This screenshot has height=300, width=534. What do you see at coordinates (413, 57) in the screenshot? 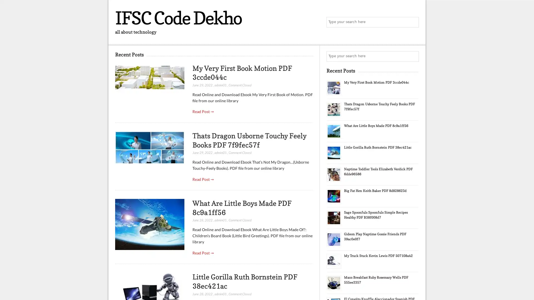
I see `Search` at bounding box center [413, 57].